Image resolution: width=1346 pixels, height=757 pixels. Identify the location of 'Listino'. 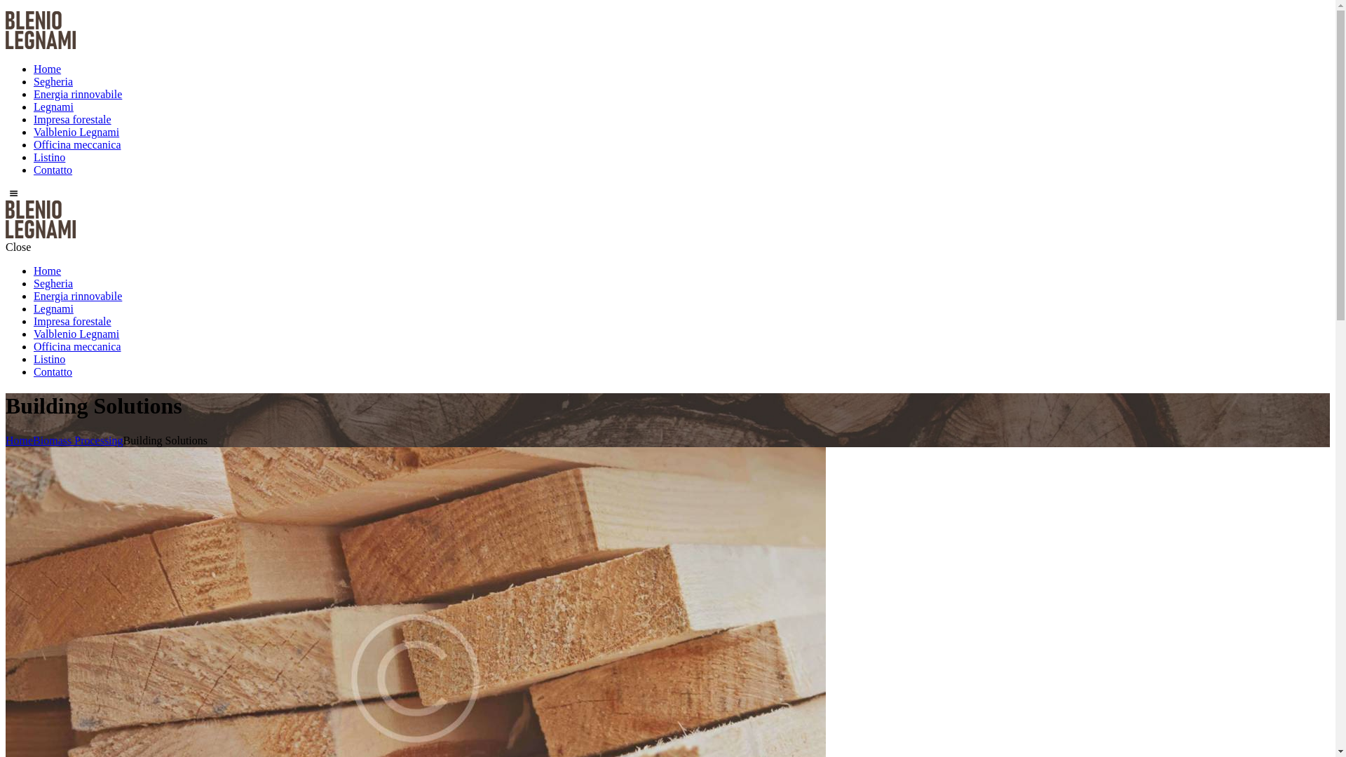
(49, 358).